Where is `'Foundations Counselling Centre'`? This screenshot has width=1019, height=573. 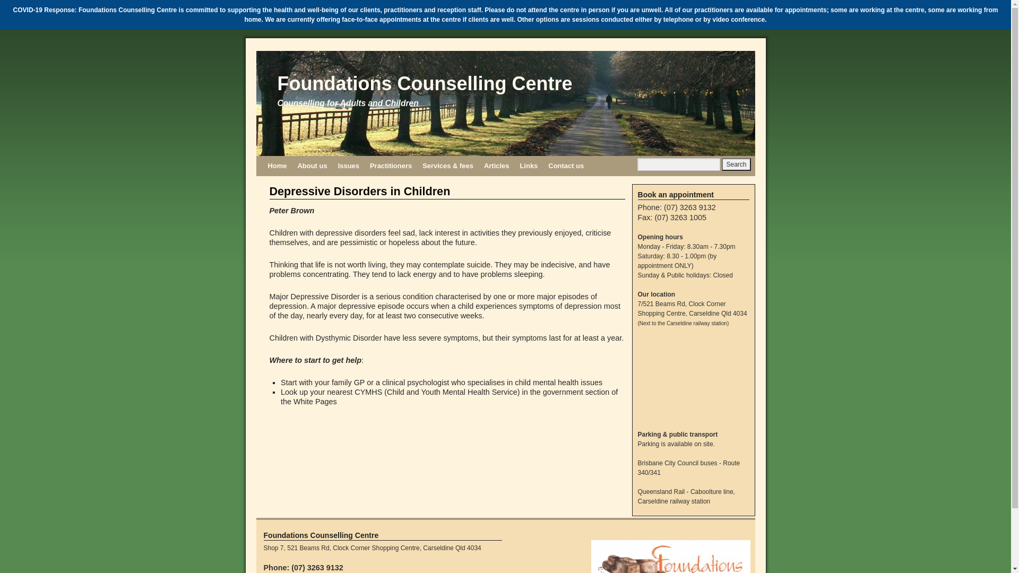
'Foundations Counselling Centre' is located at coordinates (425, 83).